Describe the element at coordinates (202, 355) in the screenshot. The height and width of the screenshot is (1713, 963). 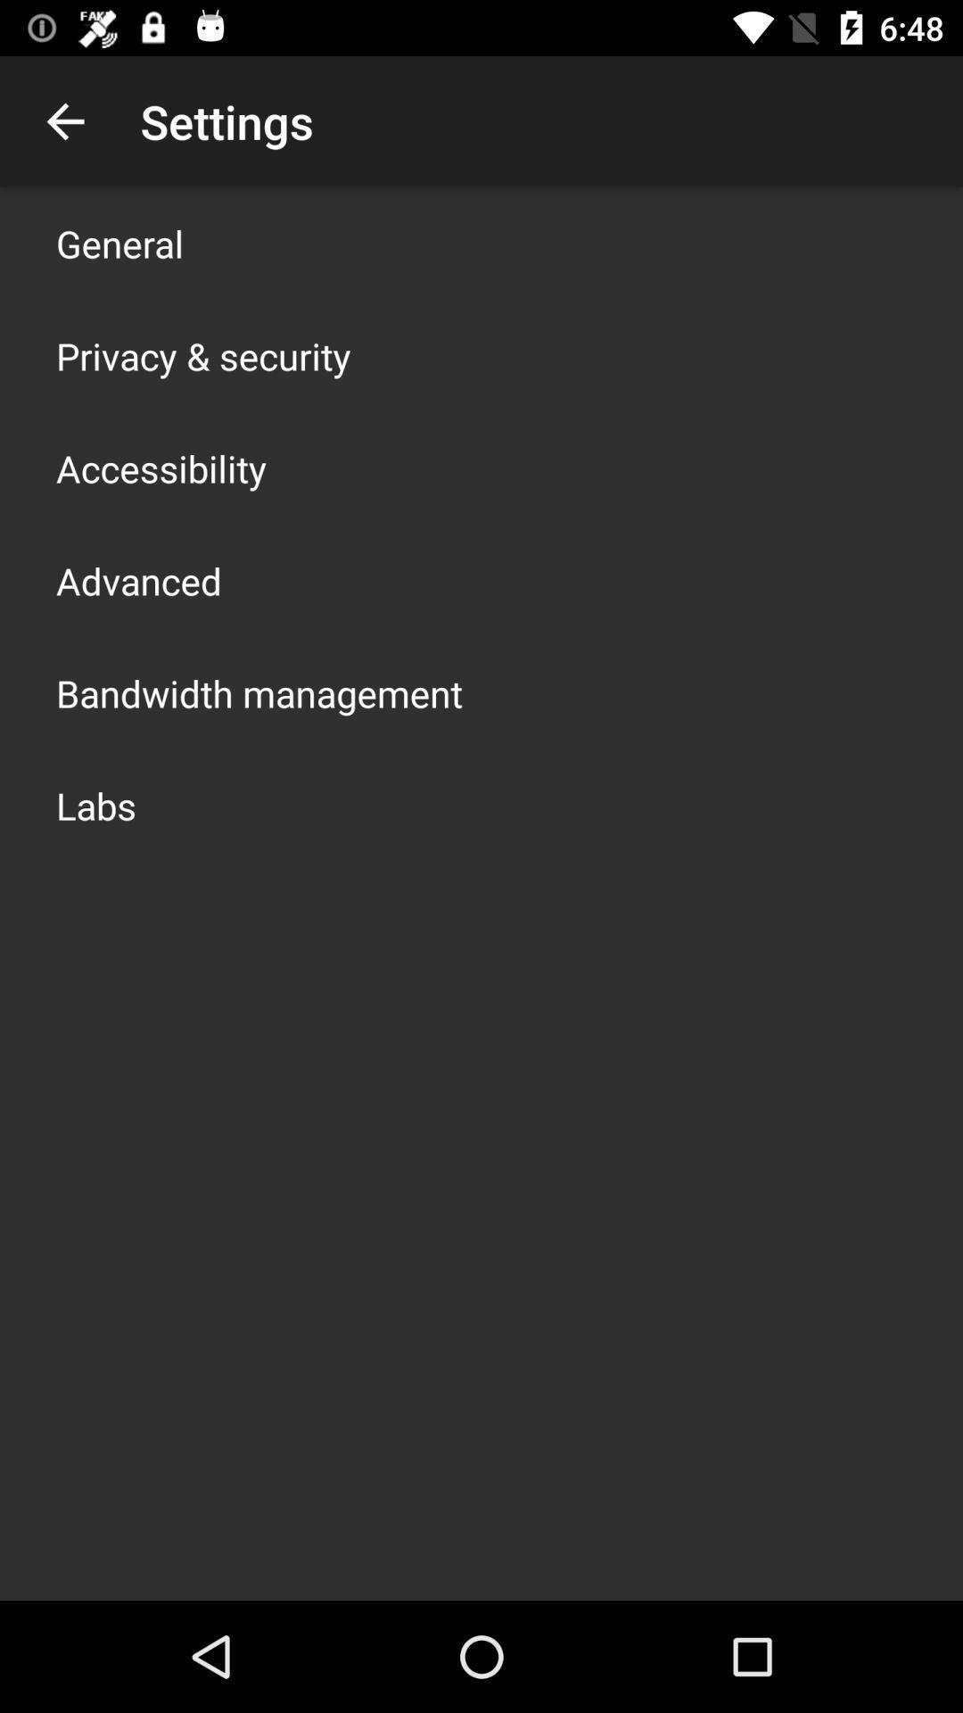
I see `privacy & security icon` at that location.